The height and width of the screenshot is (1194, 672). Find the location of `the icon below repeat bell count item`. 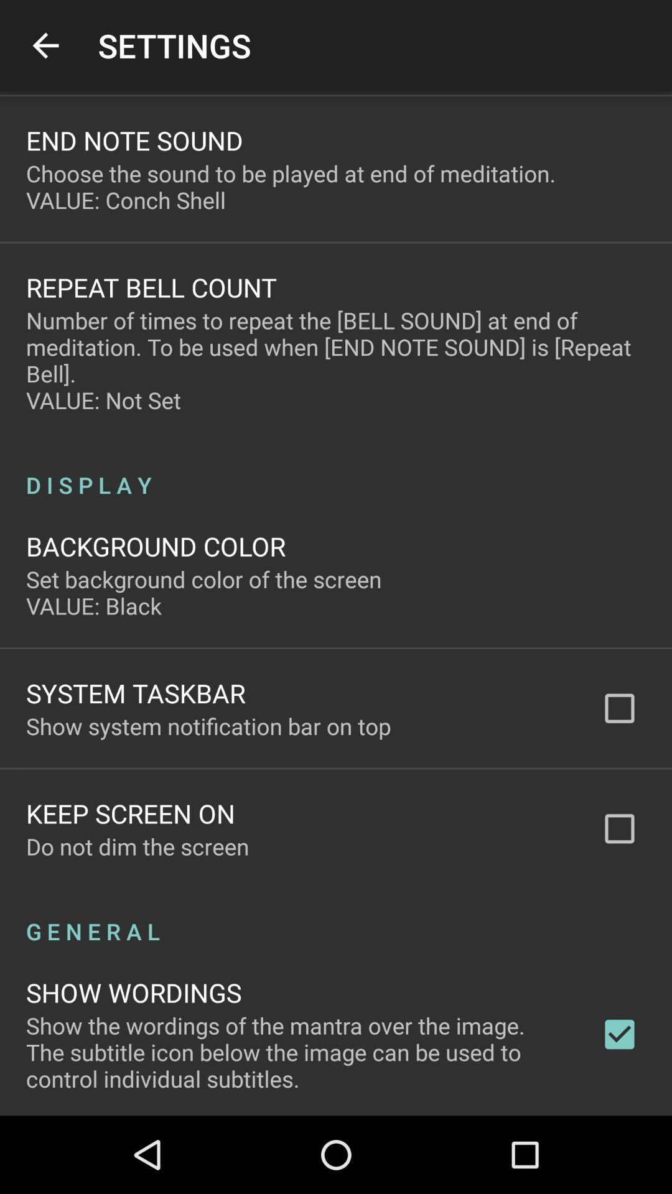

the icon below repeat bell count item is located at coordinates (336, 359).